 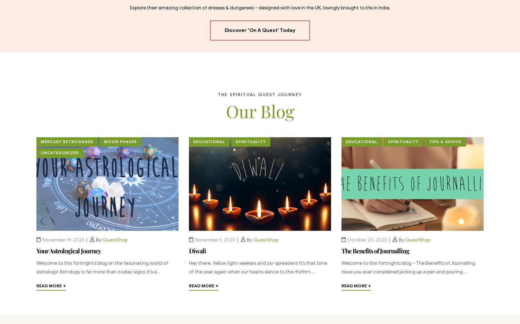 I want to click on 'November 3, 2023', so click(x=214, y=239).